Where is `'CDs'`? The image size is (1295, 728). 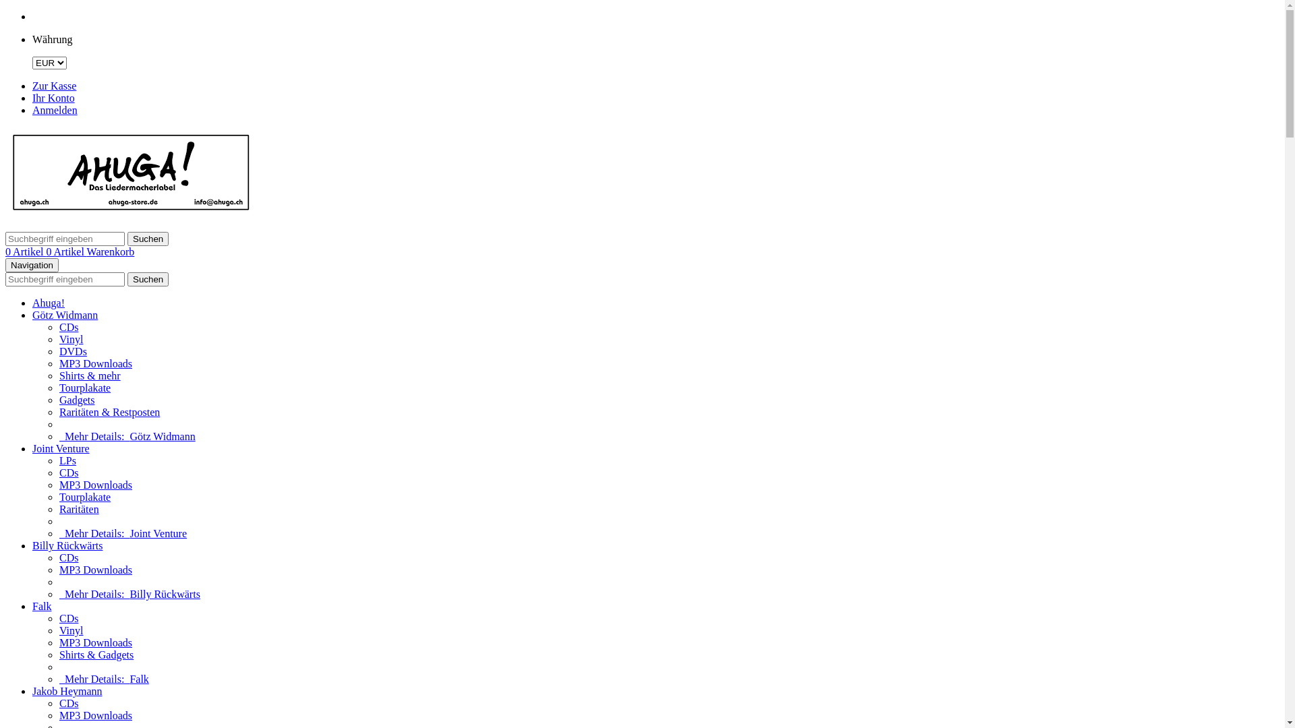 'CDs' is located at coordinates (67, 472).